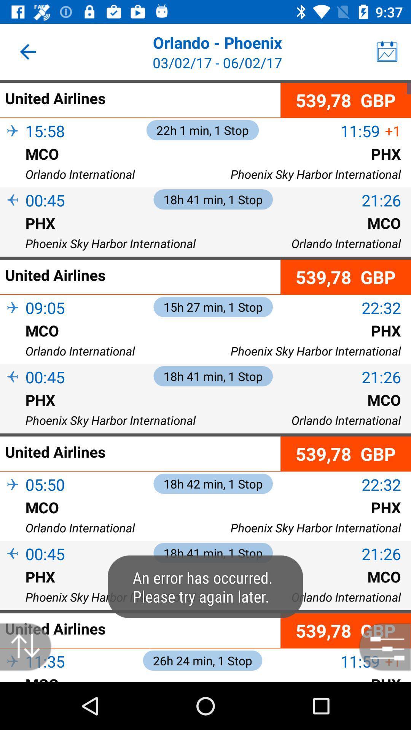 Image resolution: width=411 pixels, height=730 pixels. I want to click on the swap icon, so click(29, 646).